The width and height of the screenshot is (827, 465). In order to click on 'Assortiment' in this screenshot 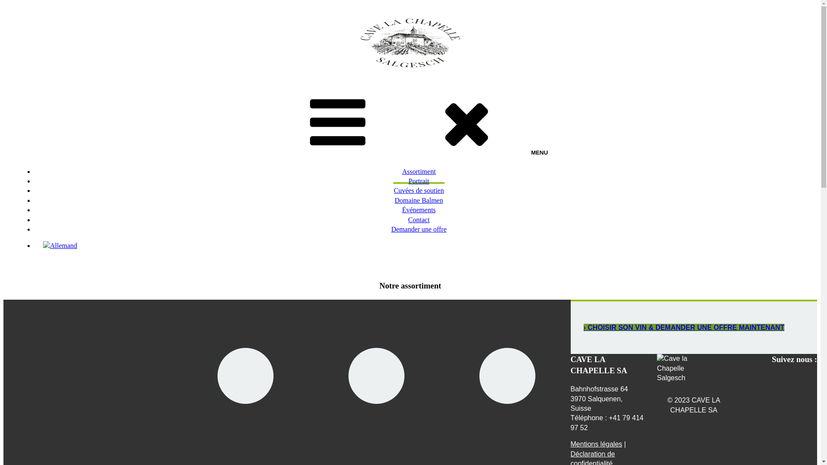, I will do `click(392, 172)`.